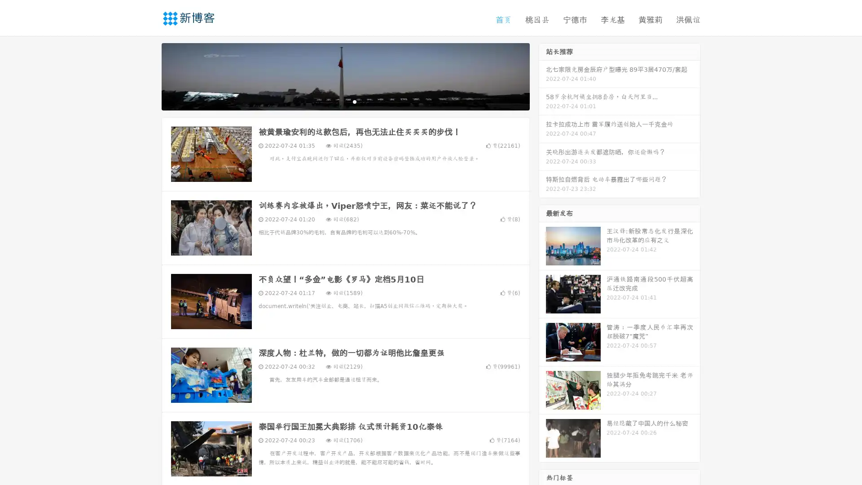 The image size is (862, 485). I want to click on Next slide, so click(542, 75).